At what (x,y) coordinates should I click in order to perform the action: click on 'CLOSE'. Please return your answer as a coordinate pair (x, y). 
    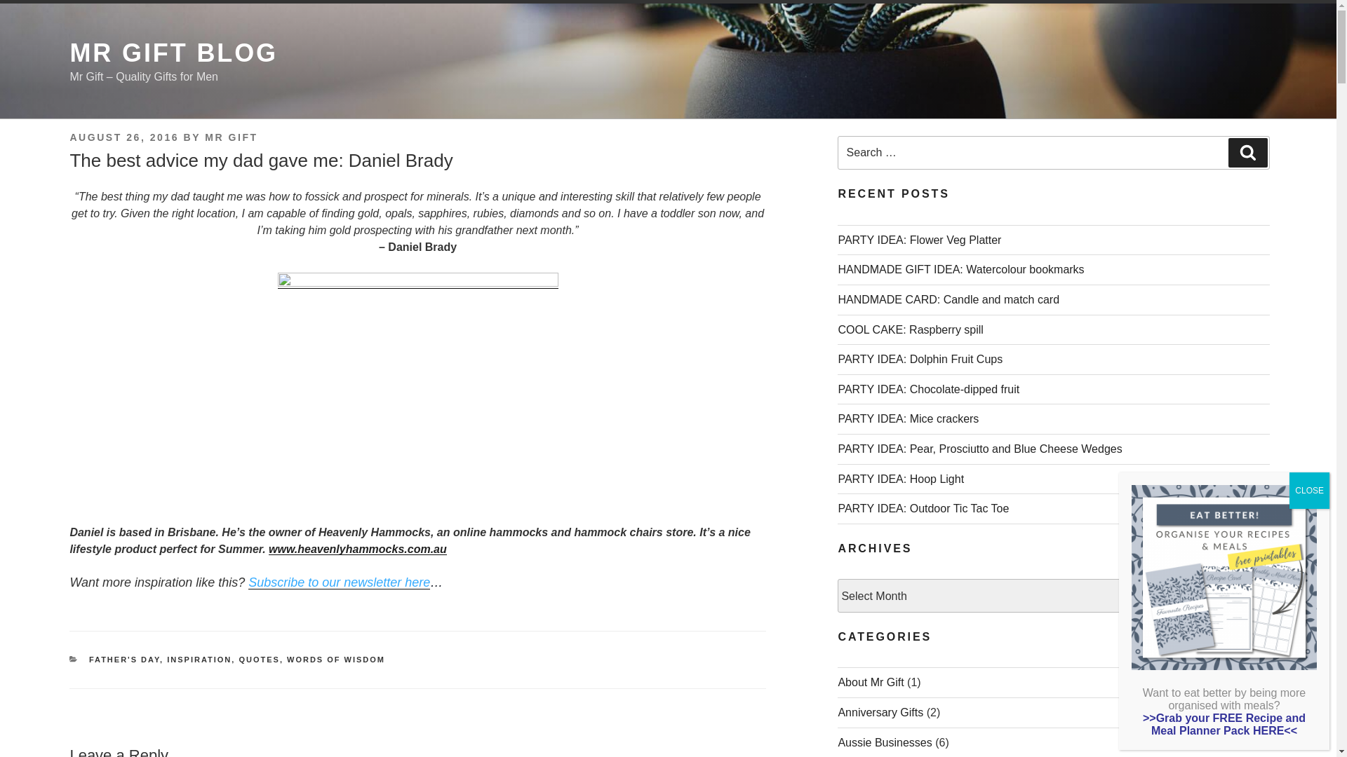
    Looking at the image, I should click on (1308, 489).